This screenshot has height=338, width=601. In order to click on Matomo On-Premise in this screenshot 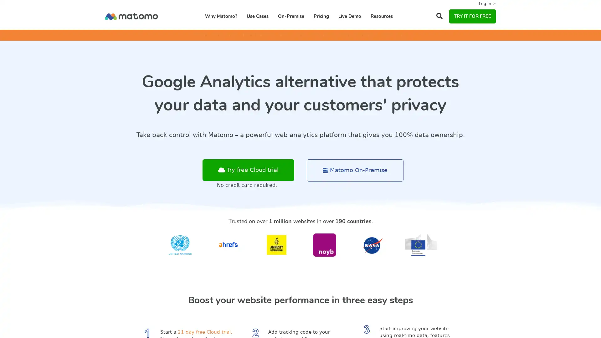, I will do `click(355, 170)`.